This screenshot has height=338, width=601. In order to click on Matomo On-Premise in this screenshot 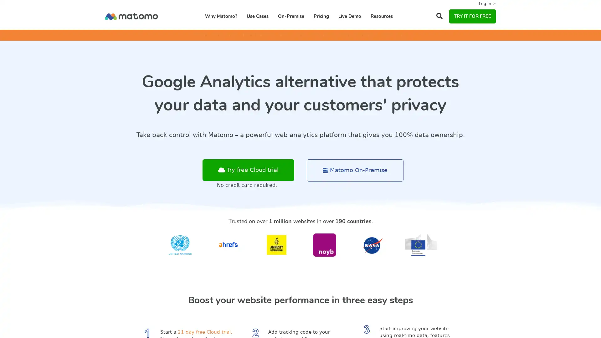, I will do `click(355, 170)`.